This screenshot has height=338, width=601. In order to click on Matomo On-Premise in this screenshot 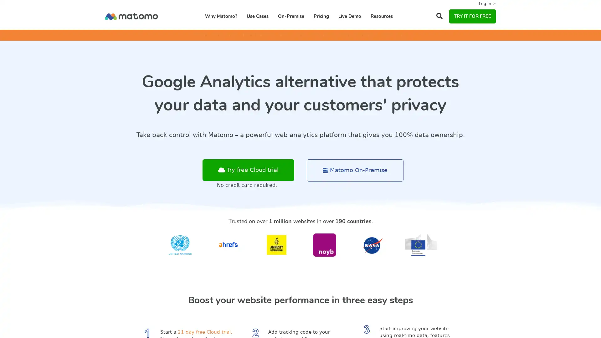, I will do `click(355, 170)`.